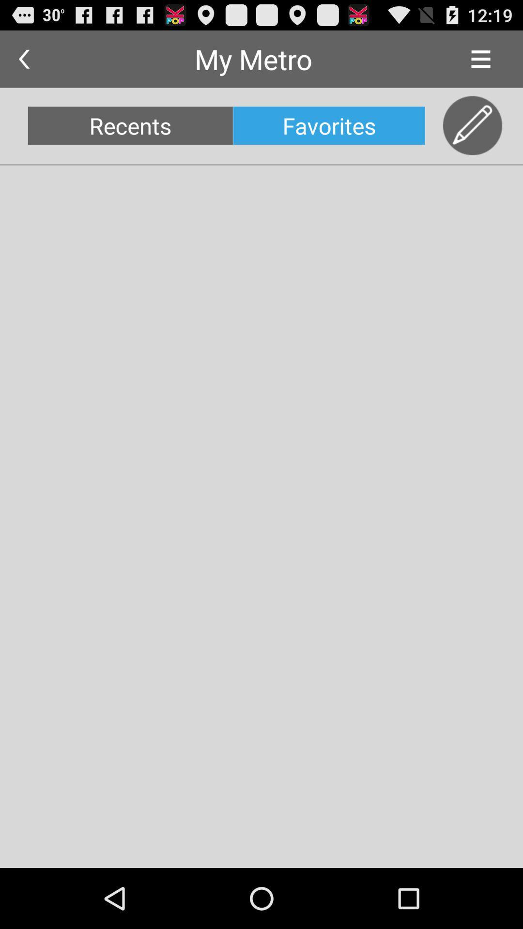  I want to click on the item above recents item, so click(23, 59).